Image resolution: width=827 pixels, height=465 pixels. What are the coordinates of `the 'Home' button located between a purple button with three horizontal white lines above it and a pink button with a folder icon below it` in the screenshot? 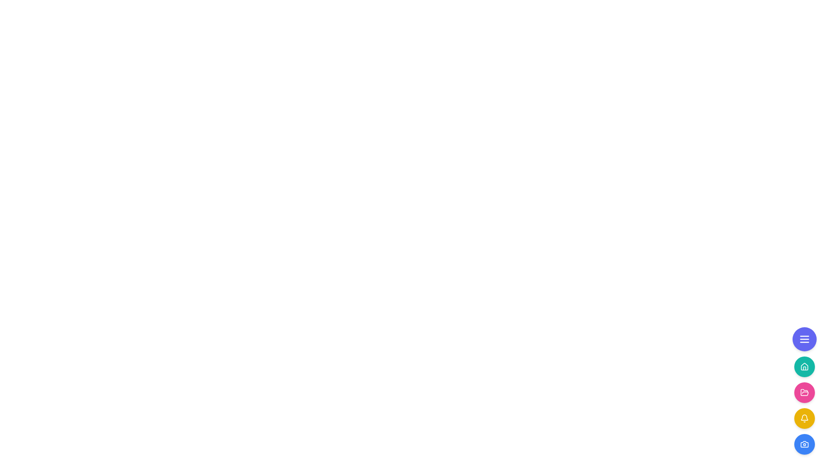 It's located at (804, 367).